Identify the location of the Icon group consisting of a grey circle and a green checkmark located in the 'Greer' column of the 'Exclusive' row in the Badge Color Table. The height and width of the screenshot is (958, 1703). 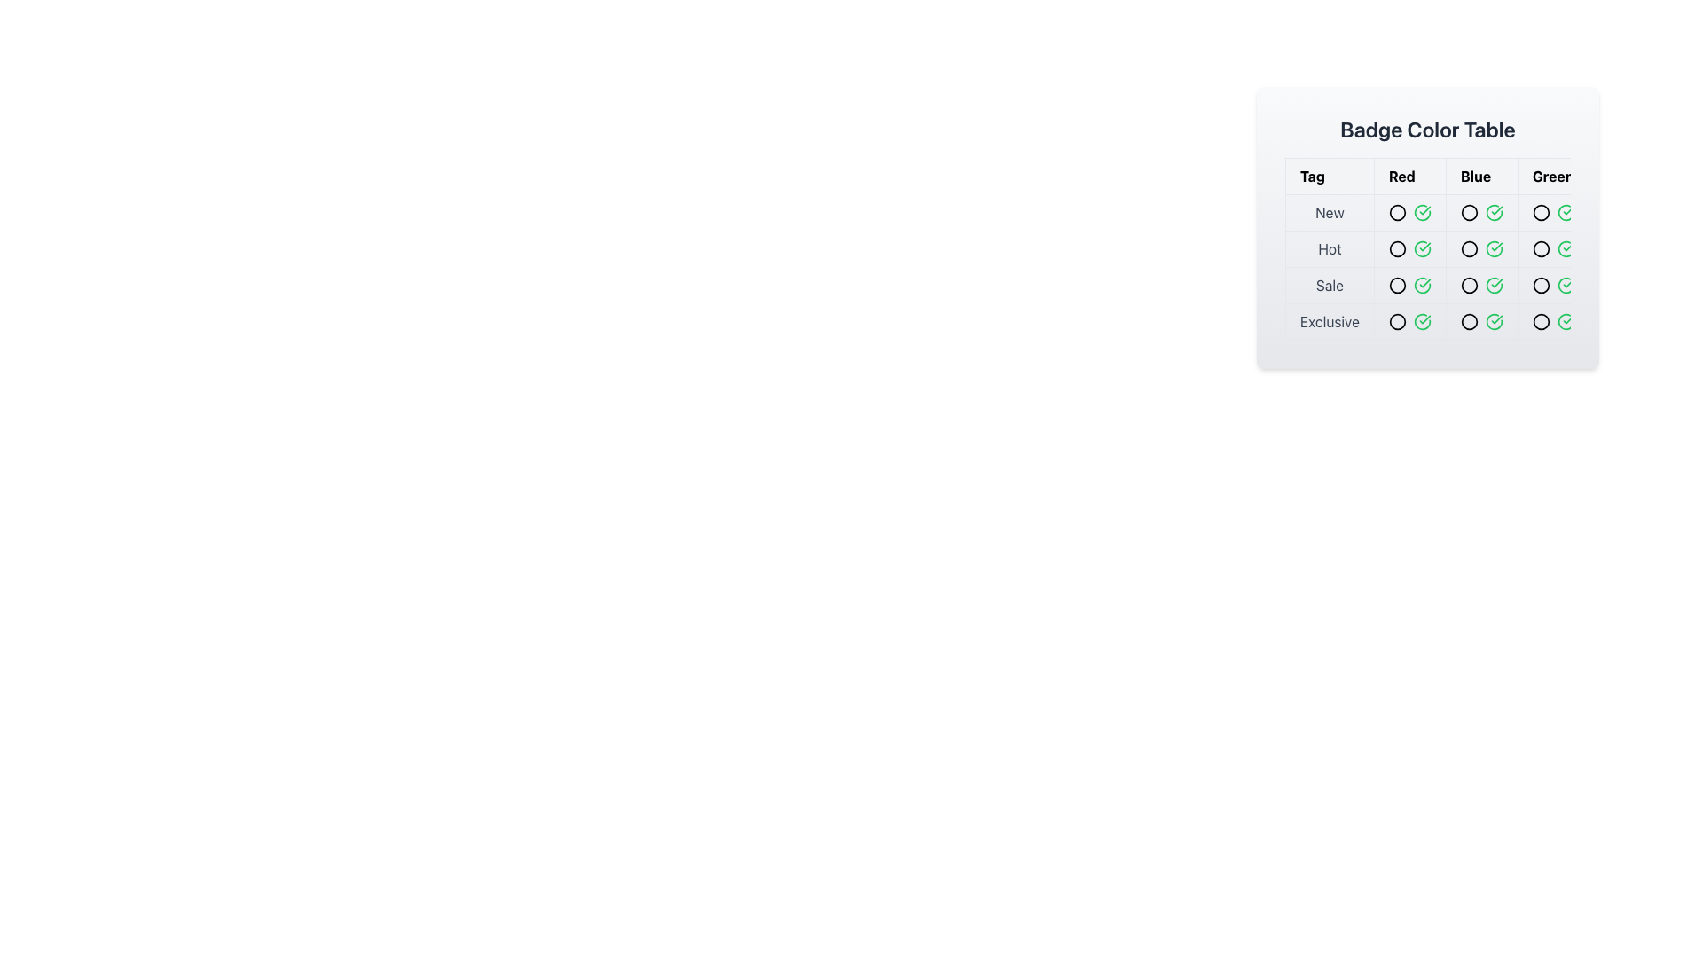
(1552, 321).